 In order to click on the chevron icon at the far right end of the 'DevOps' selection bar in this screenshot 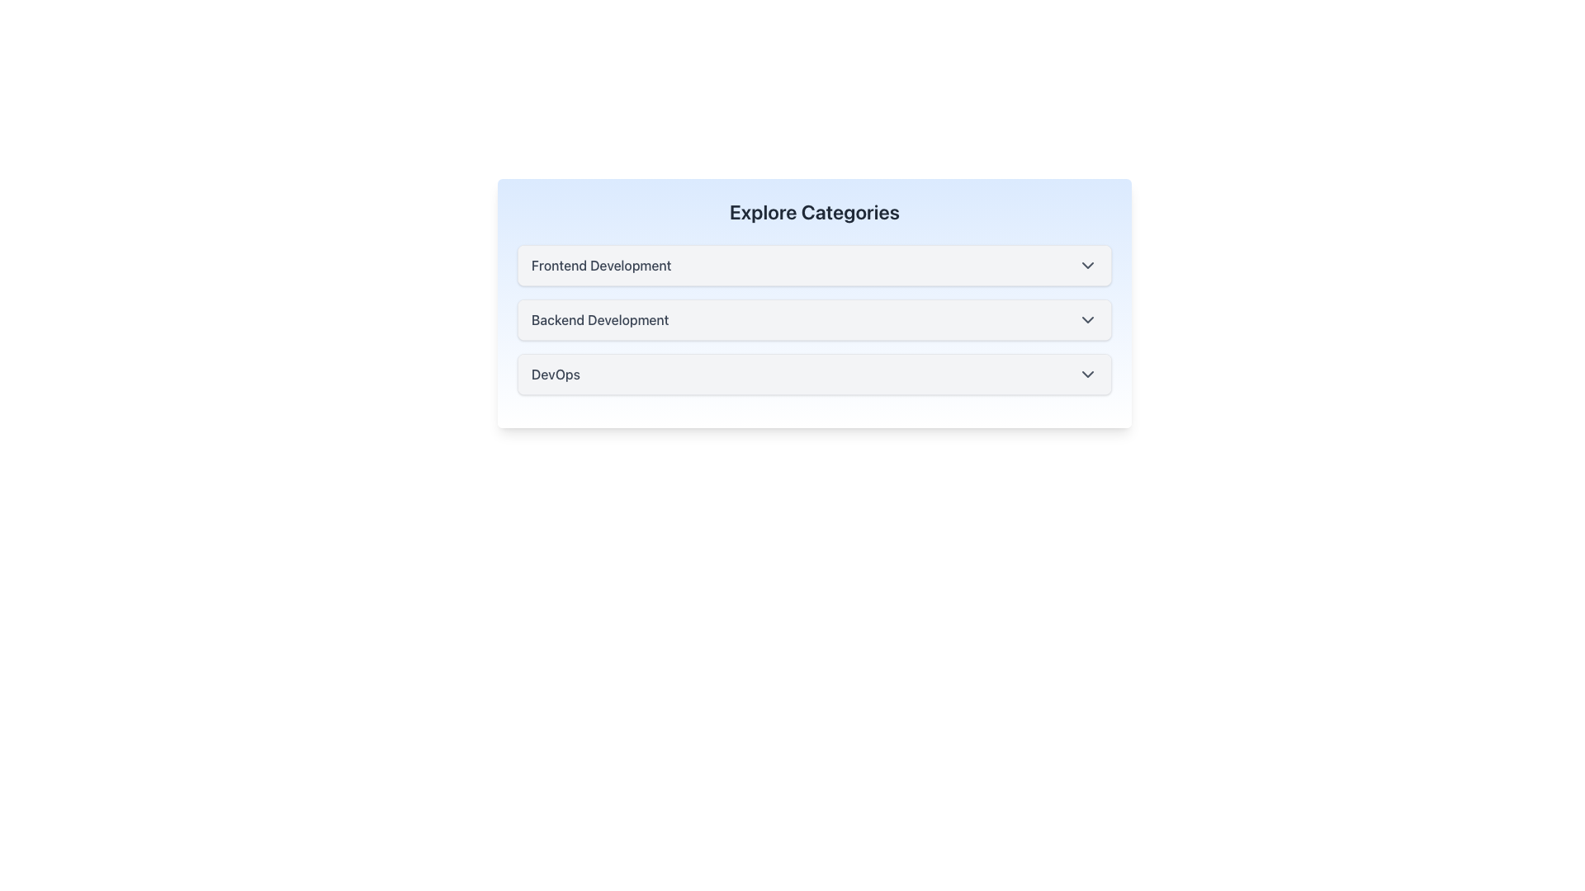, I will do `click(1088, 375)`.